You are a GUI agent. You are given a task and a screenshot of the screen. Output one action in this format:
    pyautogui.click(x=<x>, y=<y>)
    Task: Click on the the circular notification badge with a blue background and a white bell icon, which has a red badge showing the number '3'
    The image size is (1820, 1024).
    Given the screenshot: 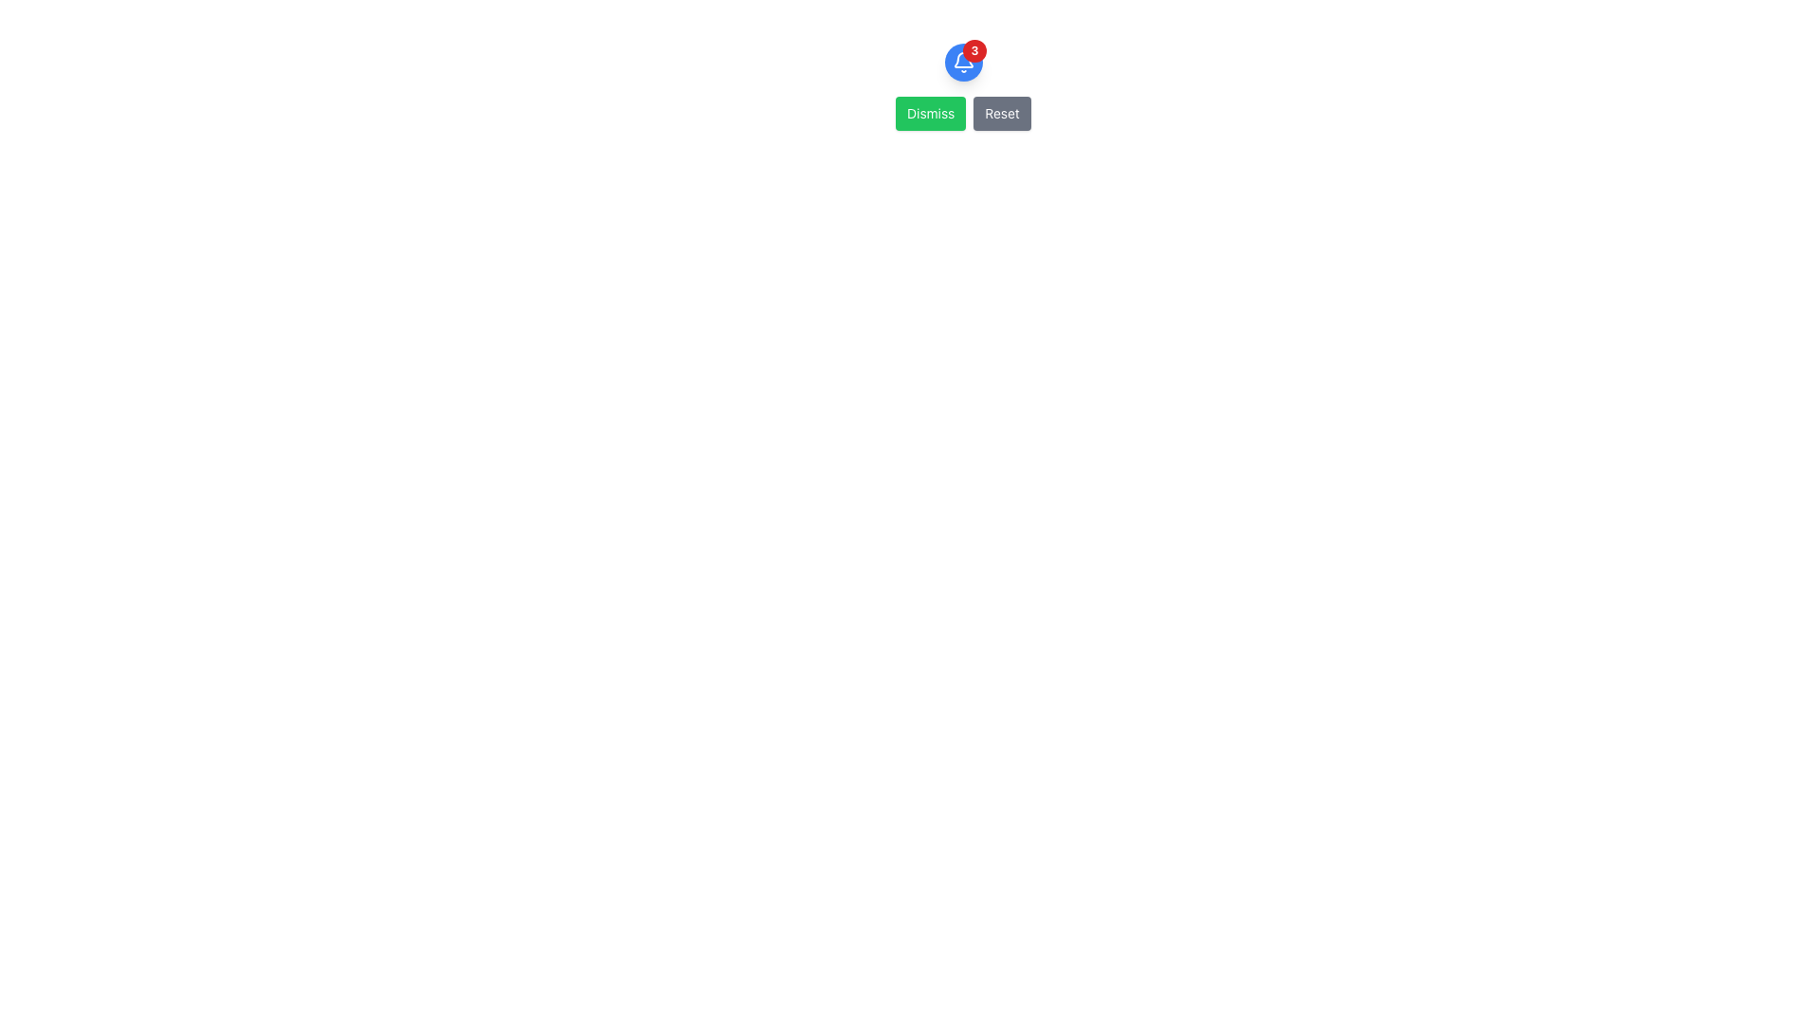 What is the action you would take?
    pyautogui.click(x=963, y=61)
    